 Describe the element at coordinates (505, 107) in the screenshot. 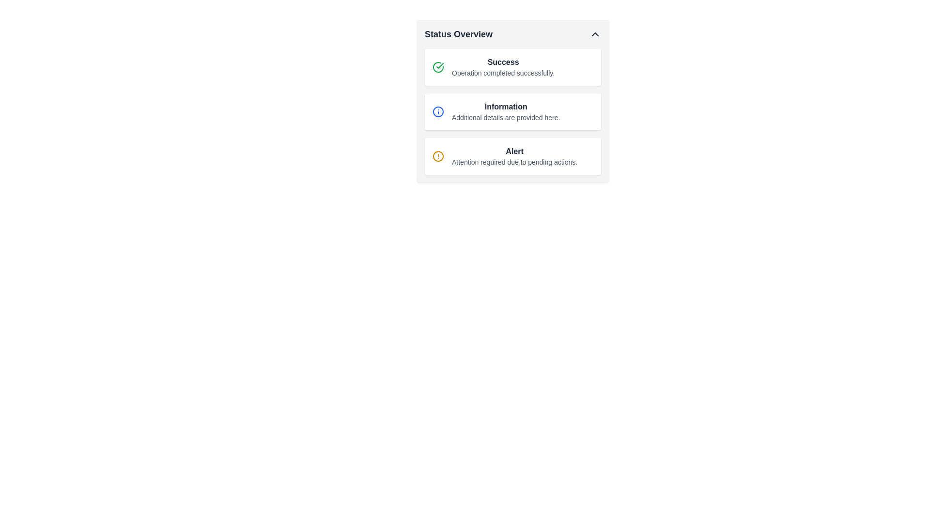

I see `the bolded text element reading 'Information' which is styled in grayish-black color and positioned above additional descriptive text in the second card of the 'Status Overview' section` at that location.